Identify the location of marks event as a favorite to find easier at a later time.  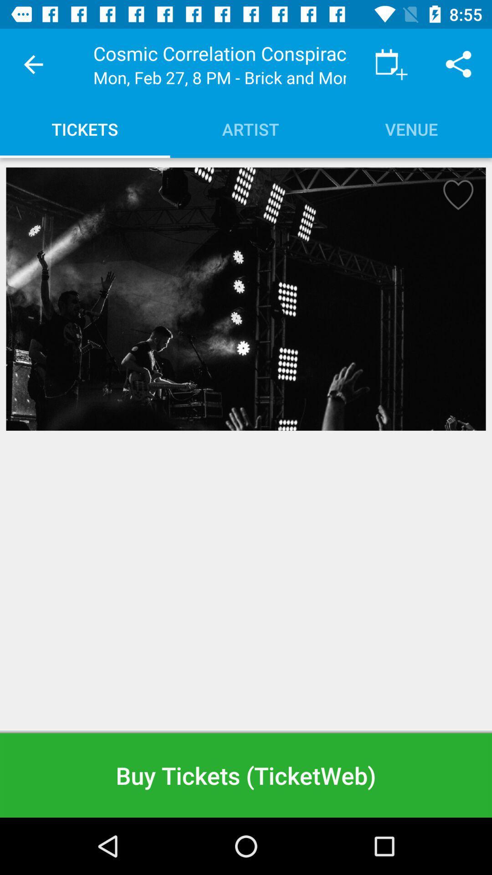
(455, 197).